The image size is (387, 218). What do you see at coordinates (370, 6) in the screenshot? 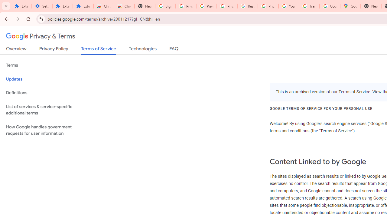
I see `'New Tab'` at bounding box center [370, 6].